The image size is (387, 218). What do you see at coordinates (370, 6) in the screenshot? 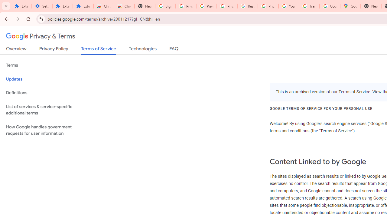
I see `'New Tab'` at bounding box center [370, 6].